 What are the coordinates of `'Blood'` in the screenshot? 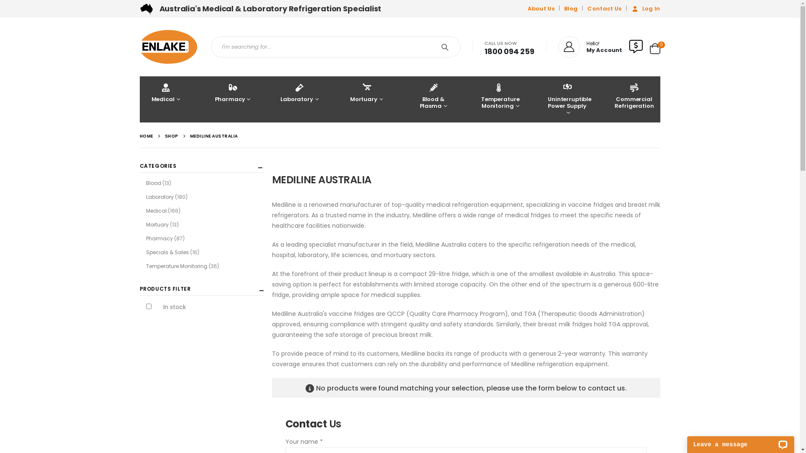 It's located at (153, 182).